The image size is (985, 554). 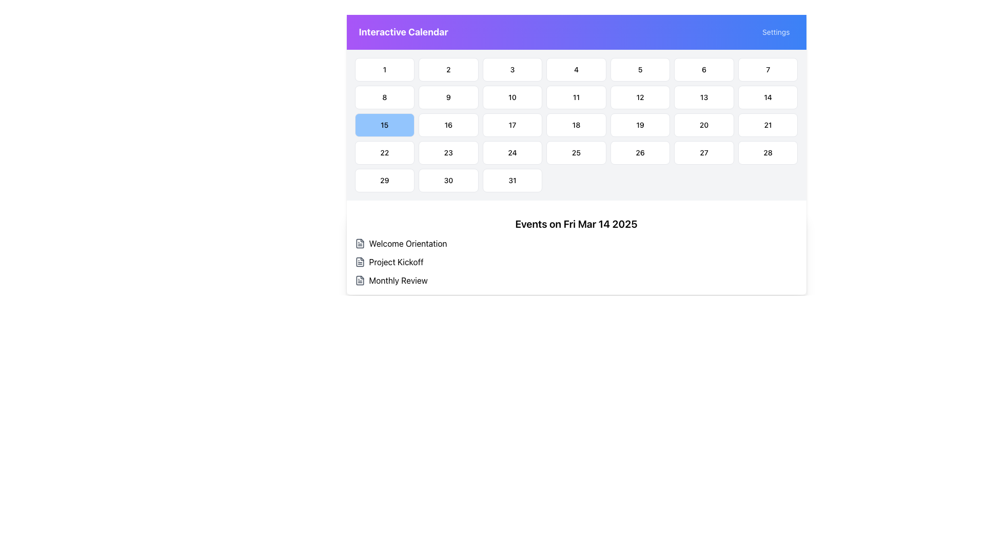 I want to click on the date number text label in the last box of the fifth row of the Interactive Calendar grid, which is indicated by a light-colored rectangular border with rounded corners, so click(x=768, y=152).